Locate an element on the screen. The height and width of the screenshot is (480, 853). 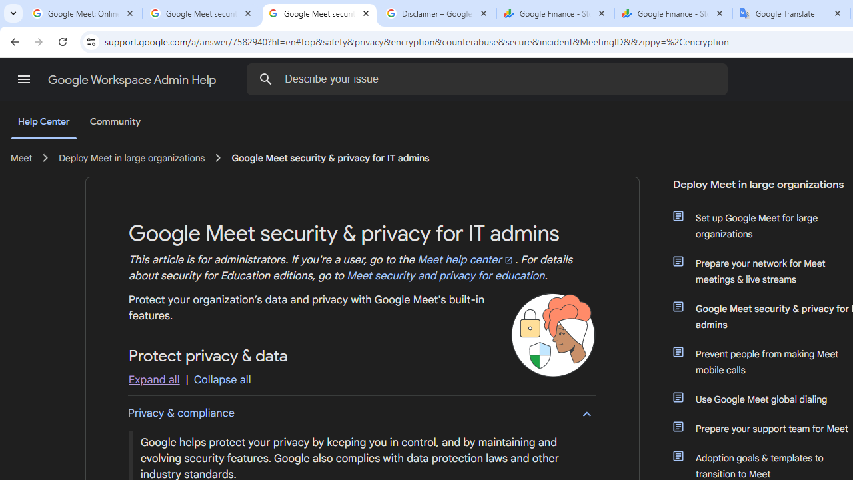
'Deploy Meet in large organizations' is located at coordinates (132, 157).